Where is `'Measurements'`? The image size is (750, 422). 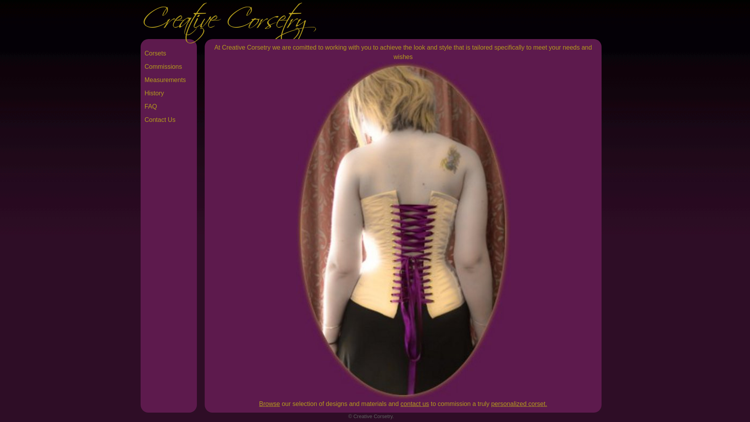
'Measurements' is located at coordinates (141, 80).